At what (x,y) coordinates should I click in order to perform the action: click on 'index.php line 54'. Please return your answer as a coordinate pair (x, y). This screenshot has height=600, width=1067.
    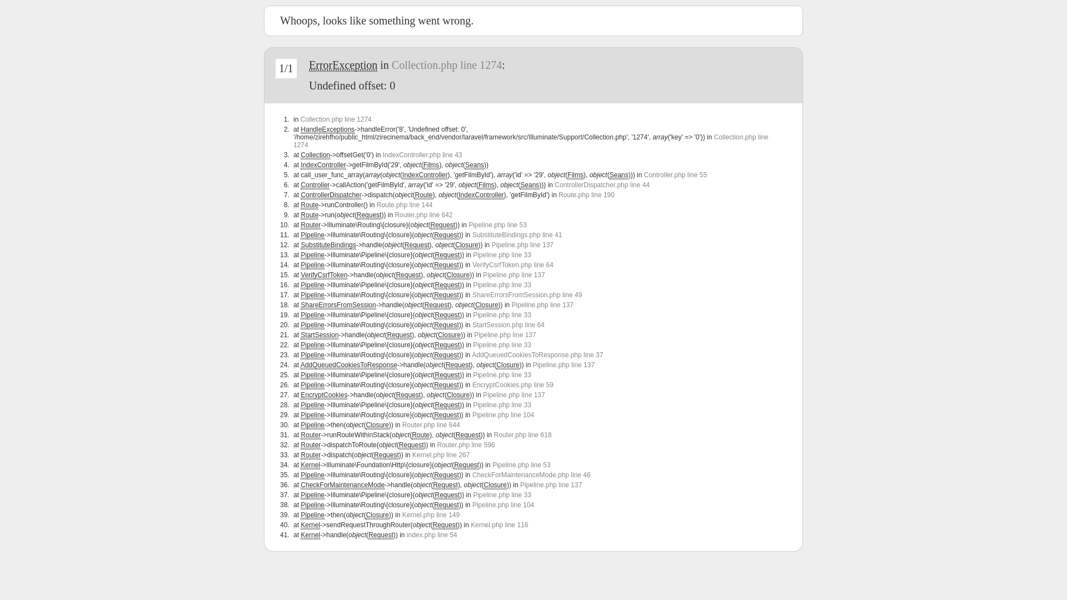
    Looking at the image, I should click on (431, 534).